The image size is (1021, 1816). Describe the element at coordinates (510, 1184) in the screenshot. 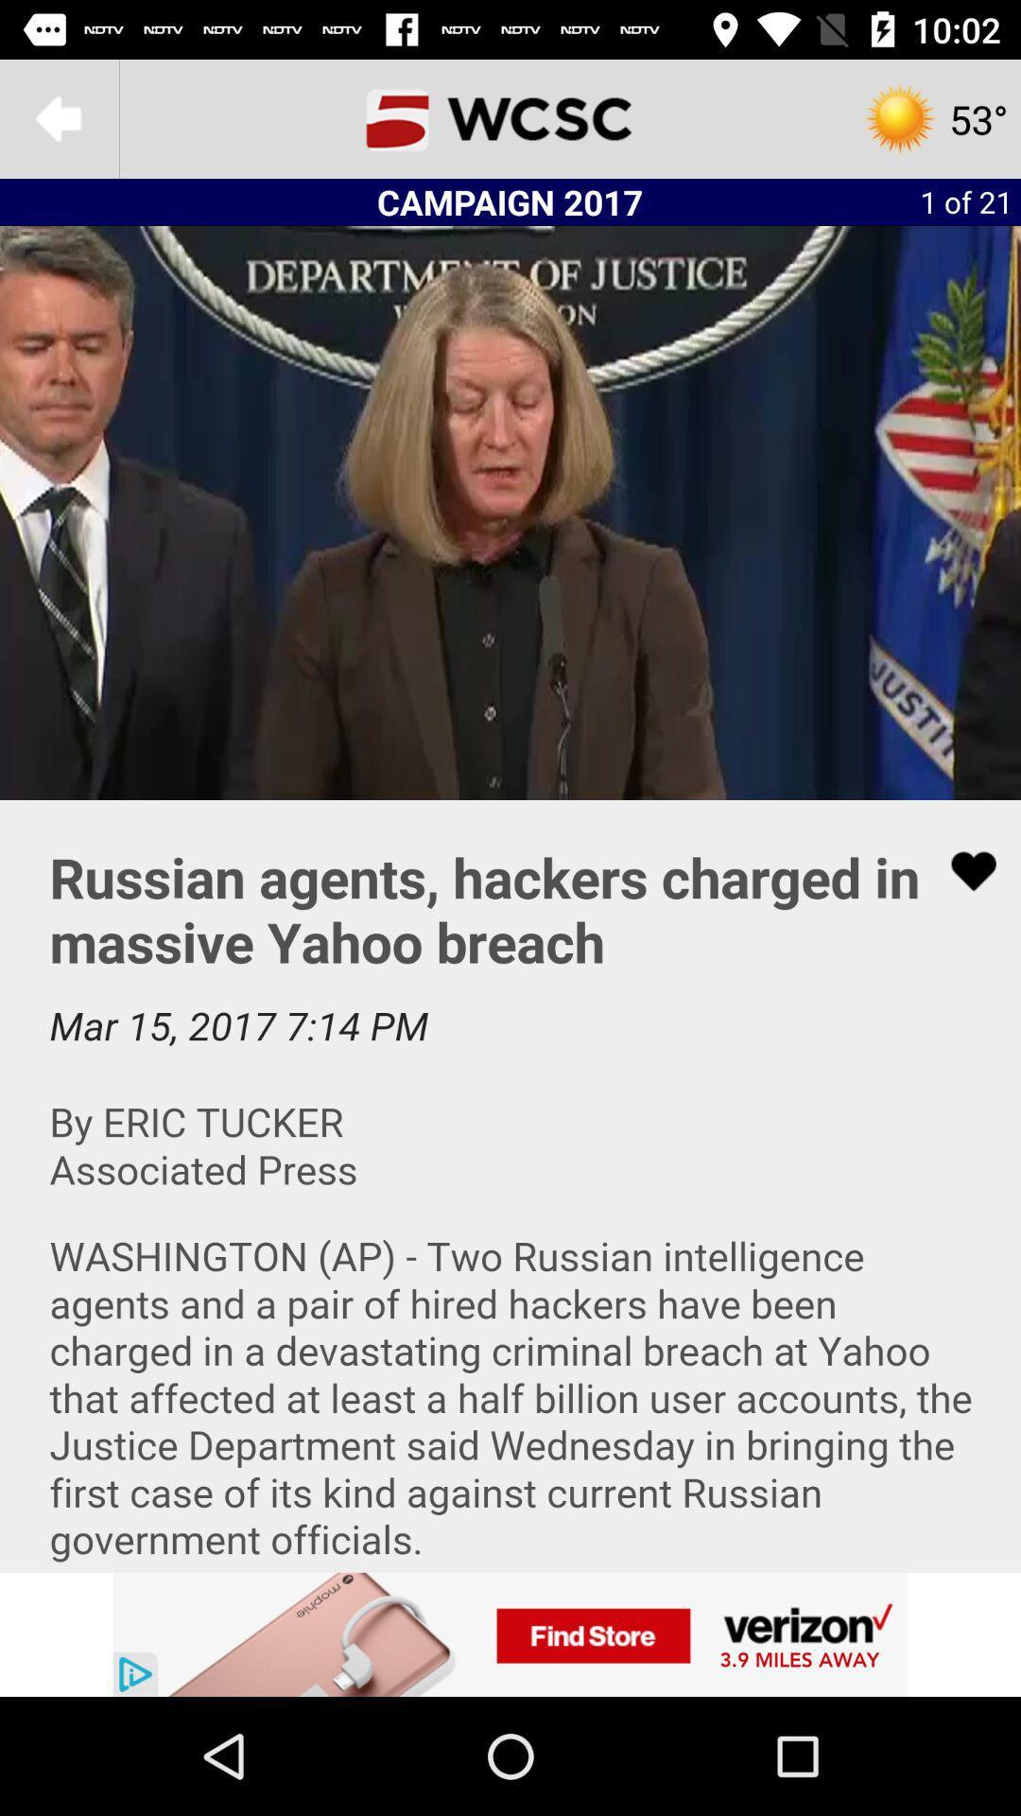

I see `article content display` at that location.